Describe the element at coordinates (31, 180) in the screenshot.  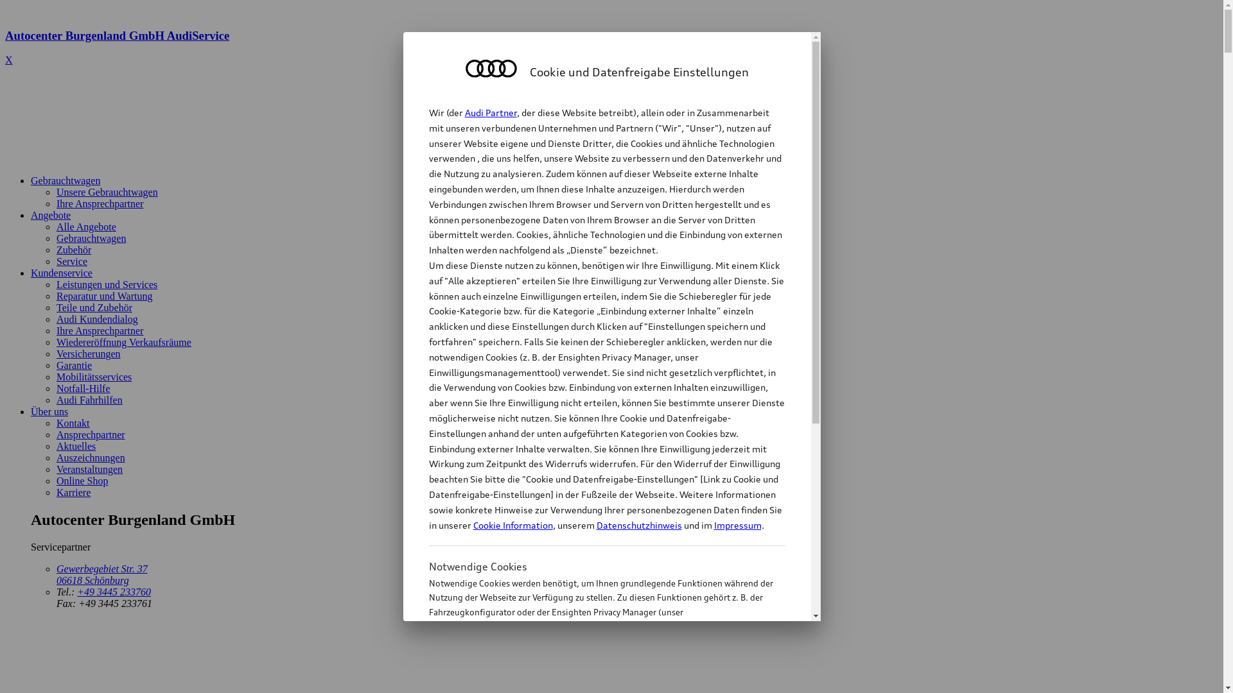
I see `'Gebrauchtwagen'` at that location.